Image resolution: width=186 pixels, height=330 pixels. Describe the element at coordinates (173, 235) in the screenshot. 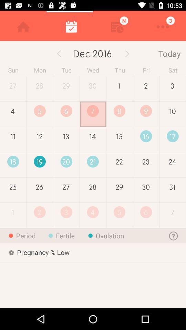

I see `information` at that location.